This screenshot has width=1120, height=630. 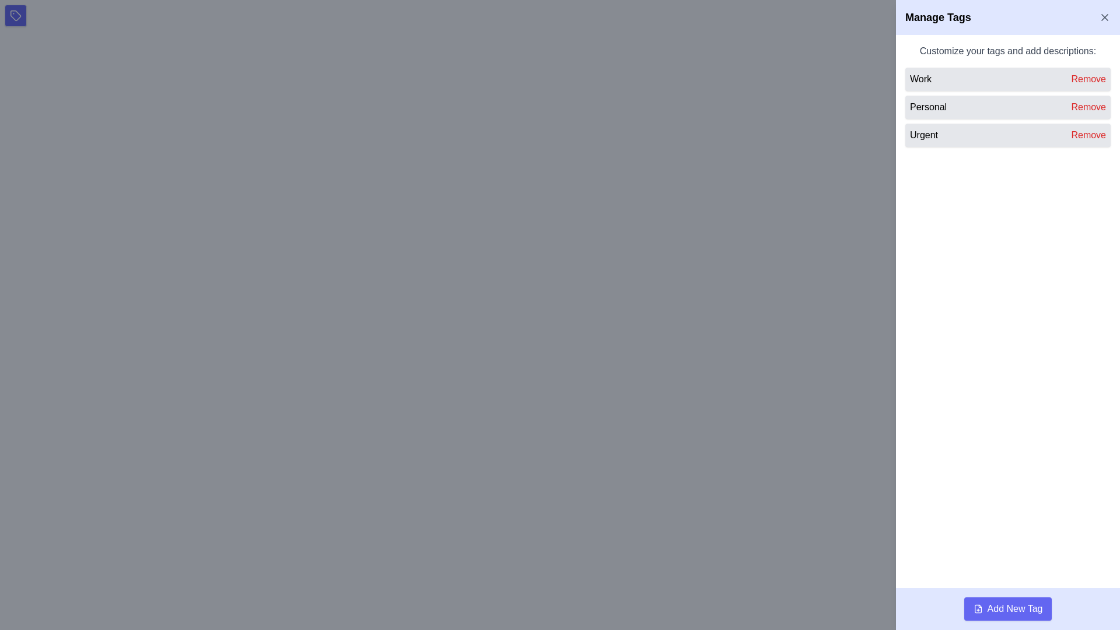 I want to click on the 'Personal' badge section located below the 'Work' section and above the 'Urgent' section, so click(x=1007, y=107).